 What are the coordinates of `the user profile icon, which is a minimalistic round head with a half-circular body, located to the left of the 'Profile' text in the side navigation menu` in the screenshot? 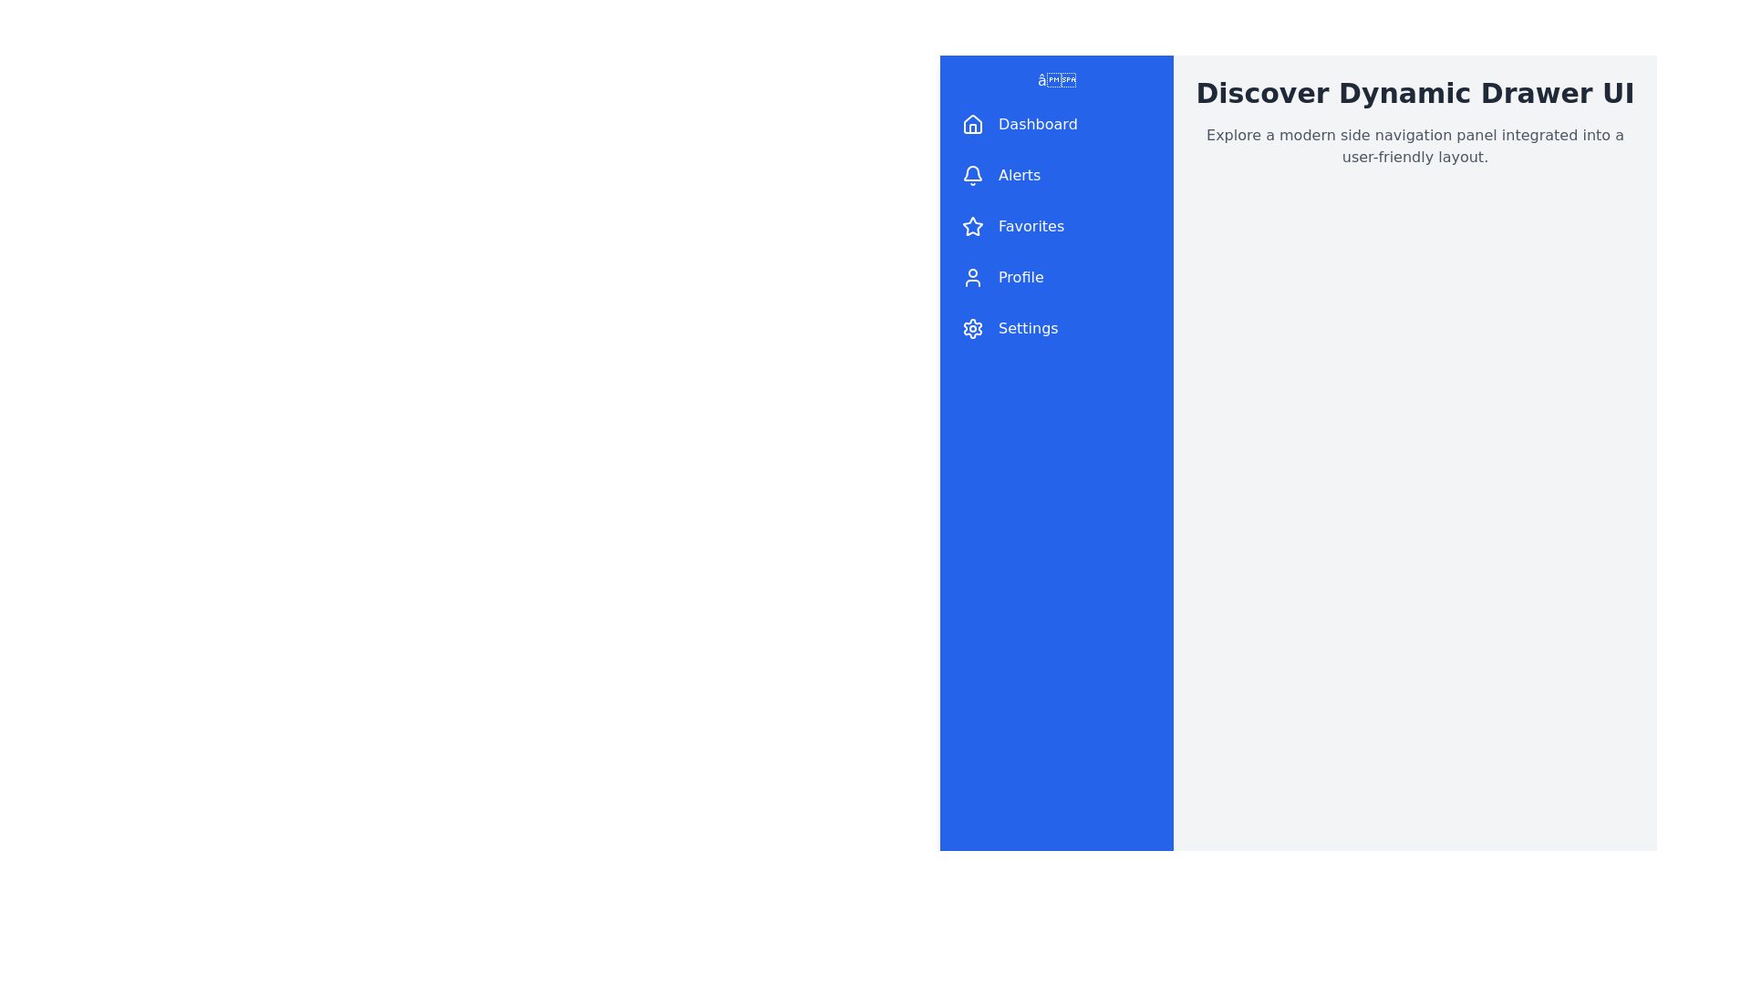 It's located at (971, 277).